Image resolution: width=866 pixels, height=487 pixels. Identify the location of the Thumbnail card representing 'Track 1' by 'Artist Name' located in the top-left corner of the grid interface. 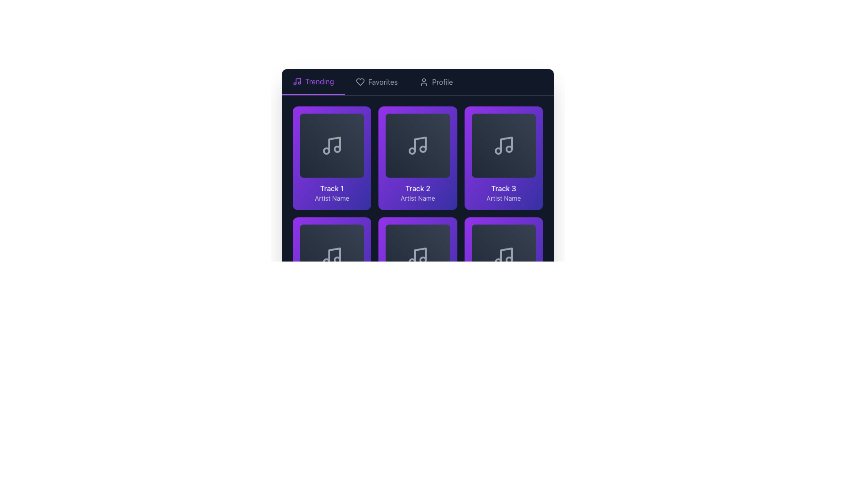
(332, 145).